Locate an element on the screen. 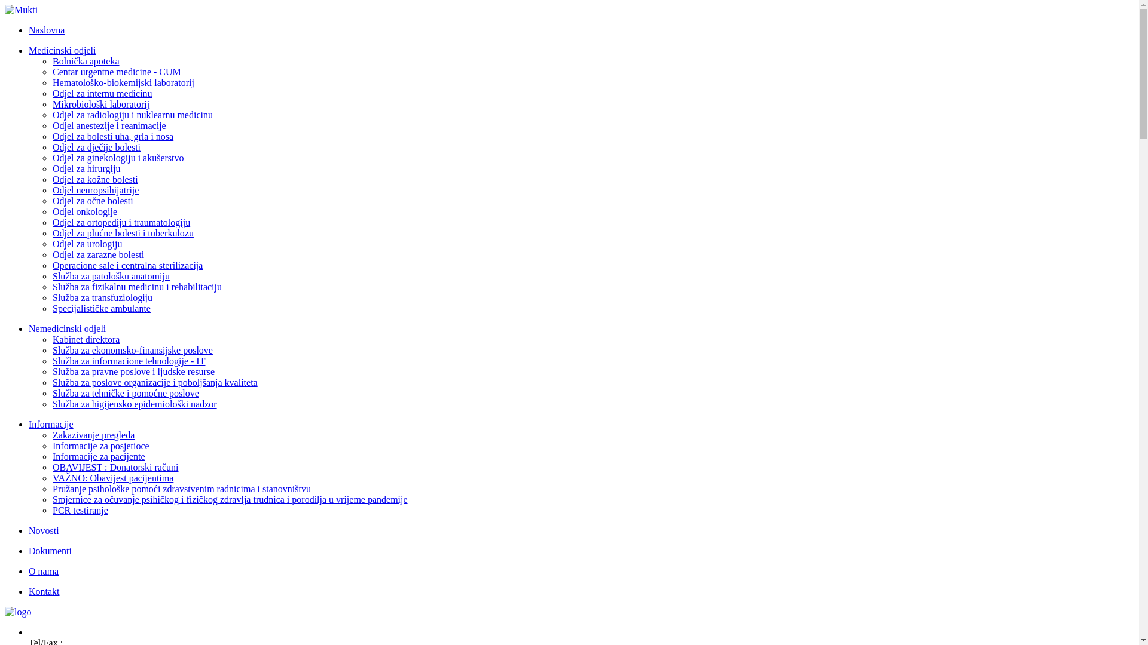  'Kontakt' is located at coordinates (29, 591).